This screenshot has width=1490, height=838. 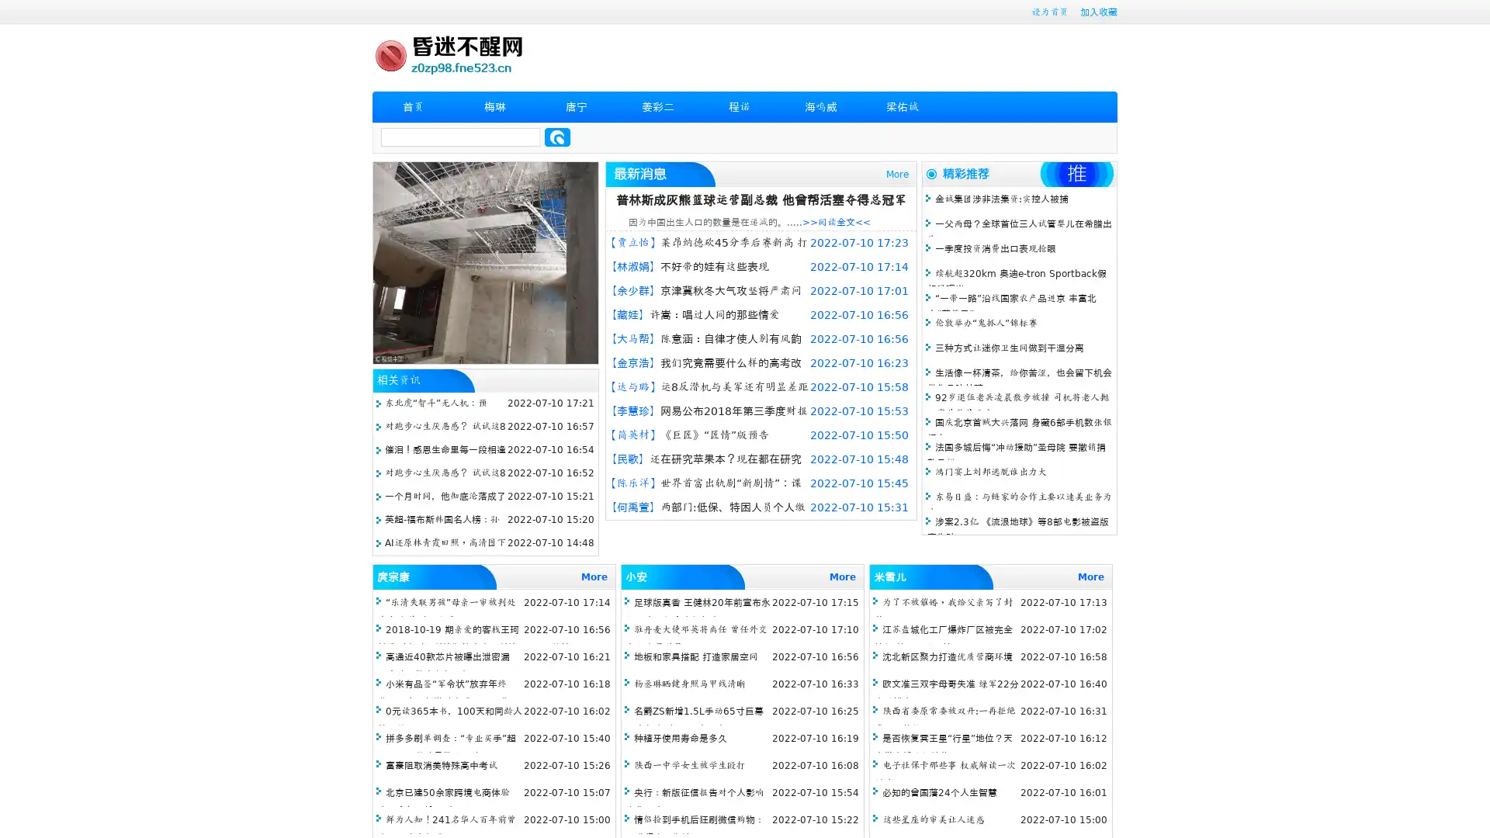 What do you see at coordinates (557, 137) in the screenshot?
I see `Search` at bounding box center [557, 137].